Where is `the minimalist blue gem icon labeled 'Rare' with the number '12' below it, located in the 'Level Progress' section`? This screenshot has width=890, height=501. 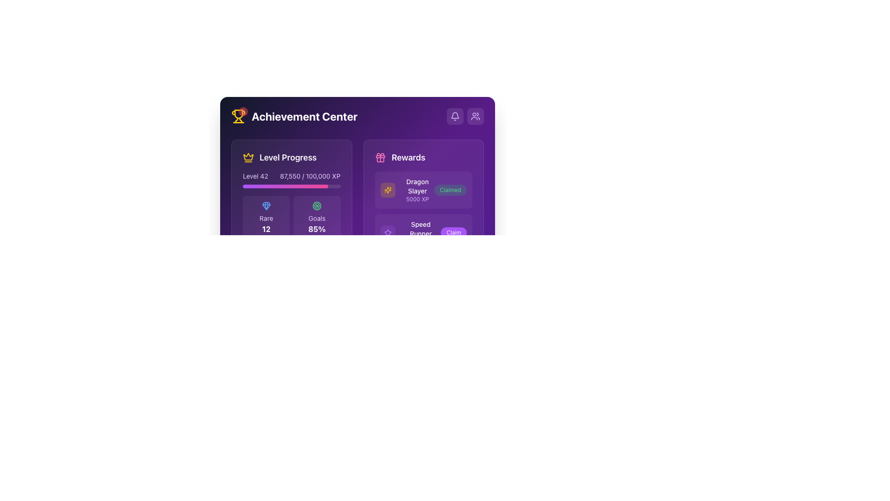 the minimalist blue gem icon labeled 'Rare' with the number '12' below it, located in the 'Level Progress' section is located at coordinates (266, 205).